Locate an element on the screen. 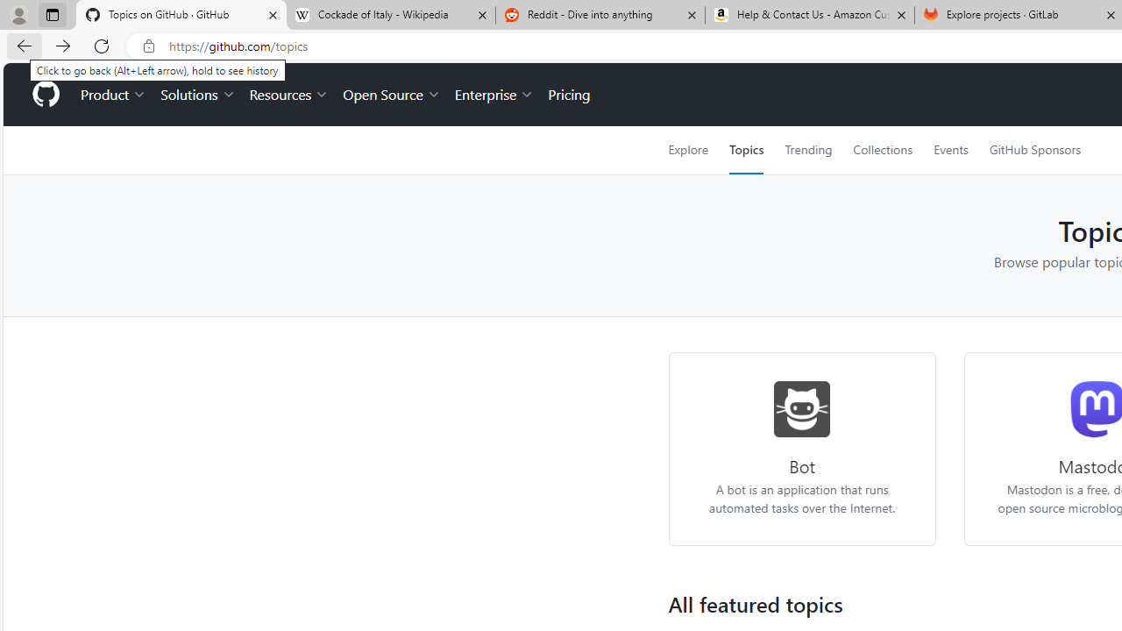 This screenshot has width=1122, height=631. 'Homepage' is located at coordinates (45, 95).